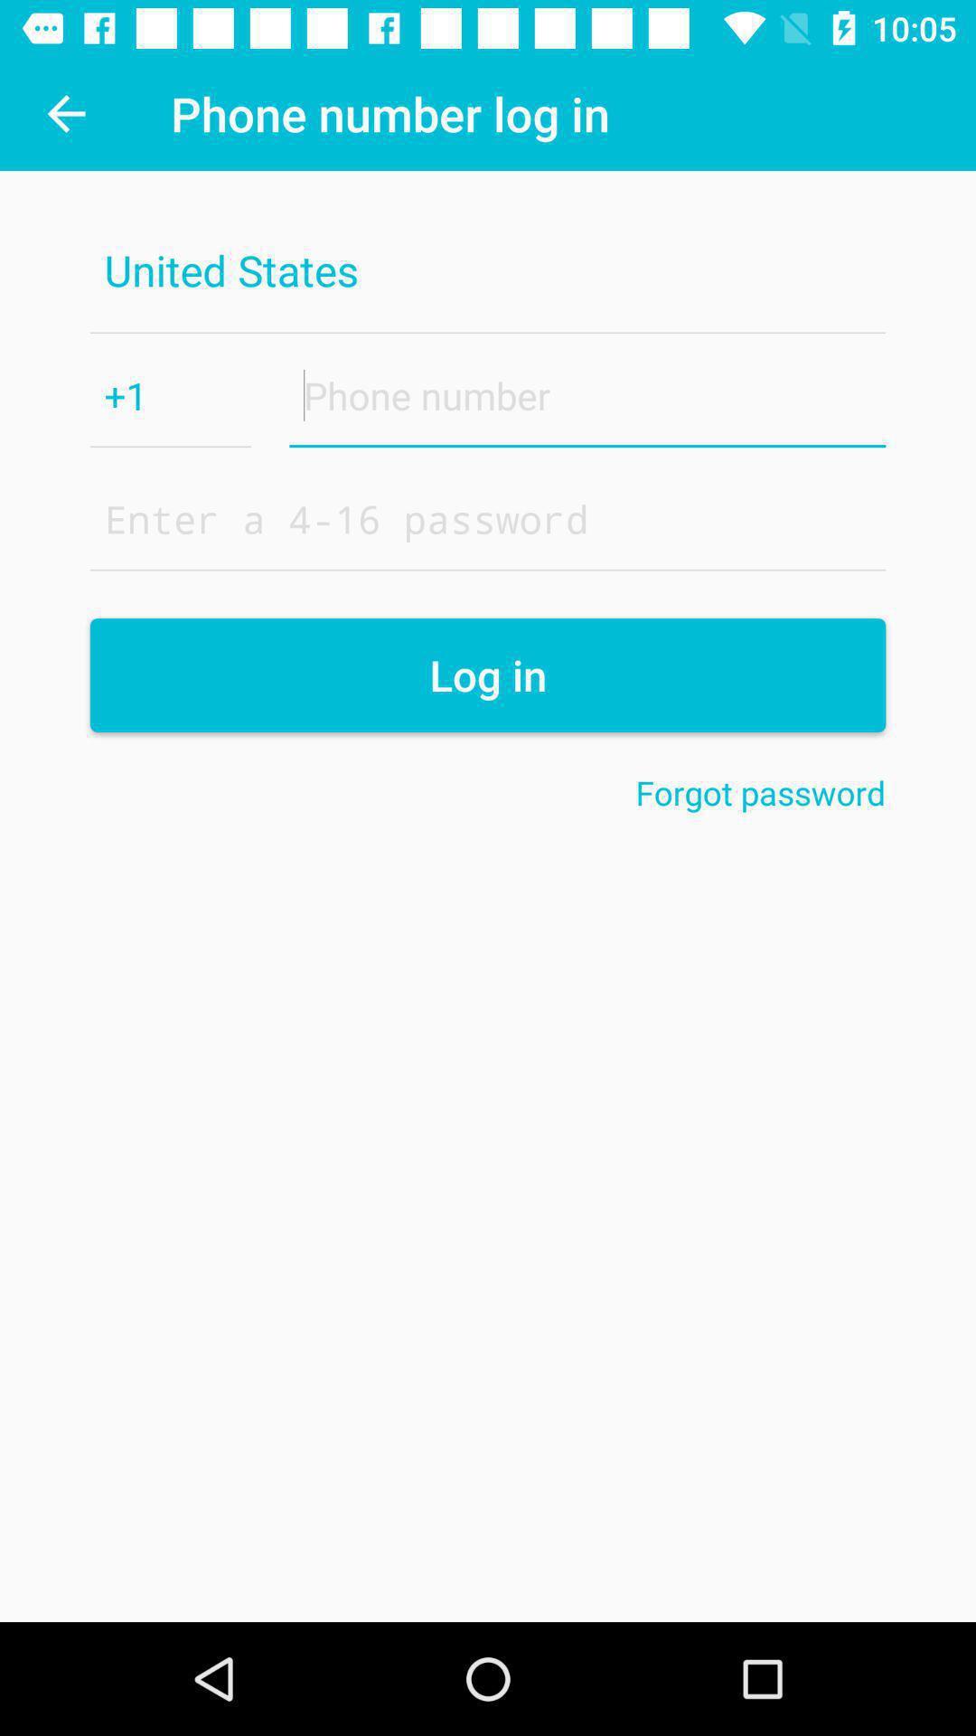  What do you see at coordinates (587, 394) in the screenshot?
I see `the item next to +1` at bounding box center [587, 394].